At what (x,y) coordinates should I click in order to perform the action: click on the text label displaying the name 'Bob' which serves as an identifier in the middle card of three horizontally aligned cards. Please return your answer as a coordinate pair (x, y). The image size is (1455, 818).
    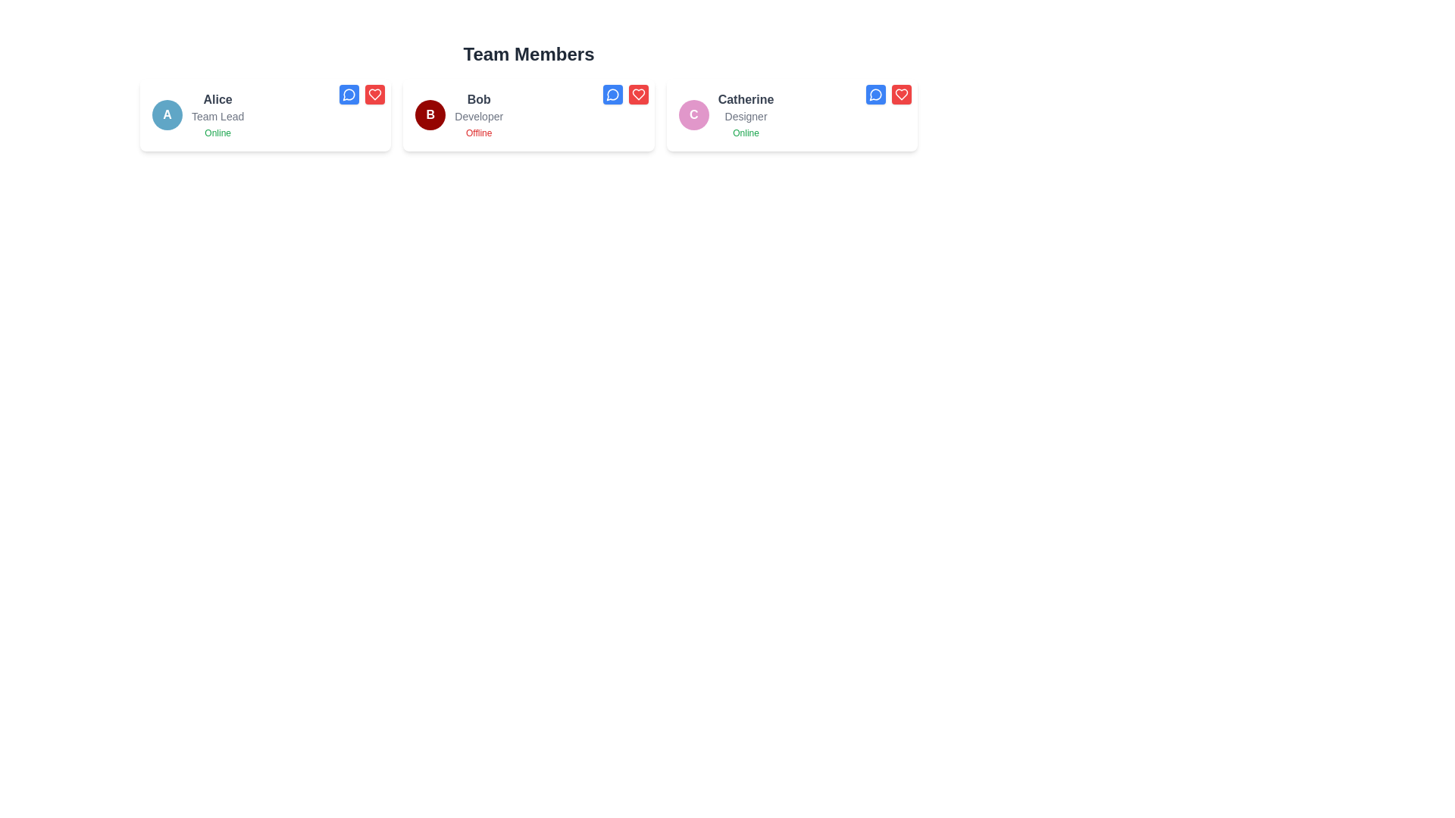
    Looking at the image, I should click on (478, 99).